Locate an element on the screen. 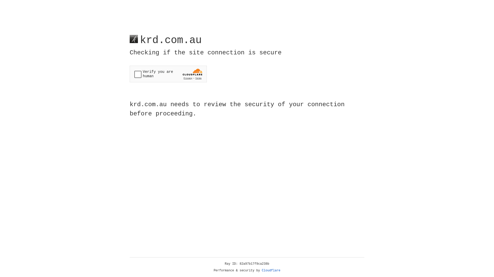 This screenshot has height=277, width=494. 'Cloudflare' is located at coordinates (271, 270).